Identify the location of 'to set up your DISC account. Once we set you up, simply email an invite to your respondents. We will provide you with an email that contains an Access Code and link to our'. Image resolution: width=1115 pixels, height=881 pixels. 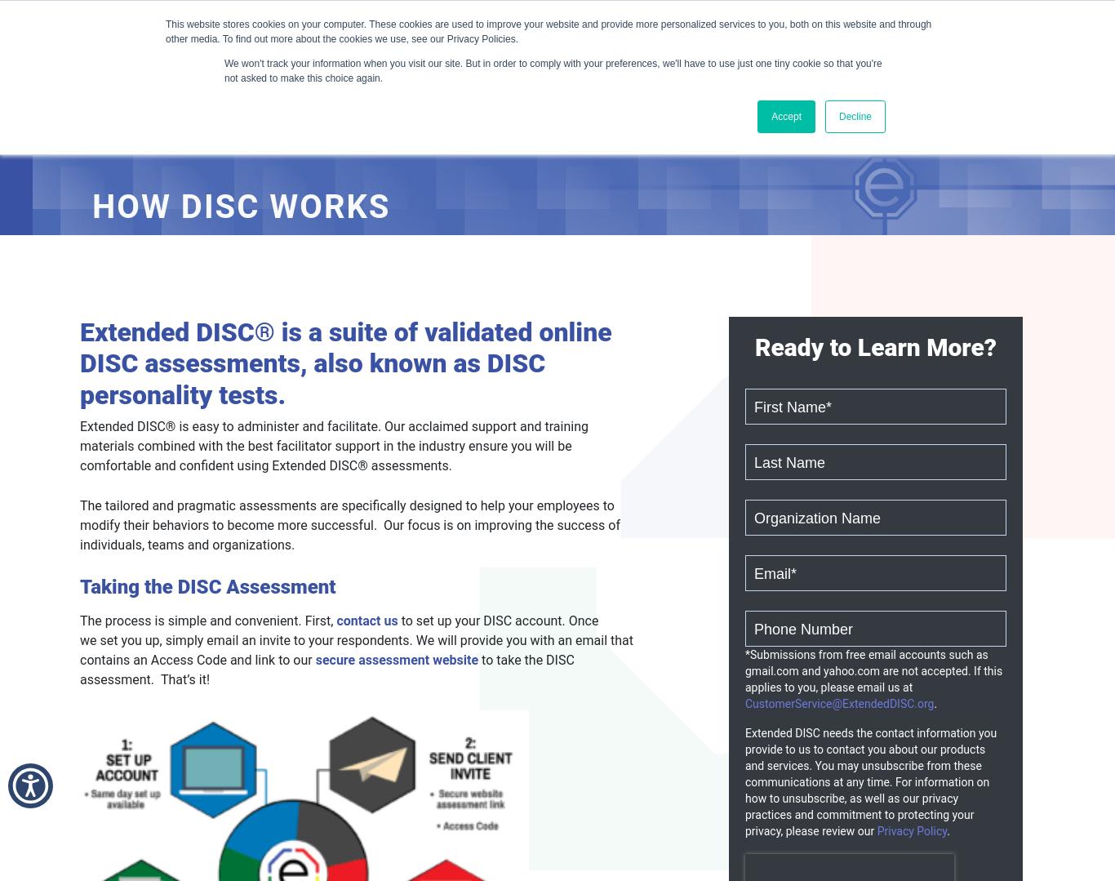
(355, 639).